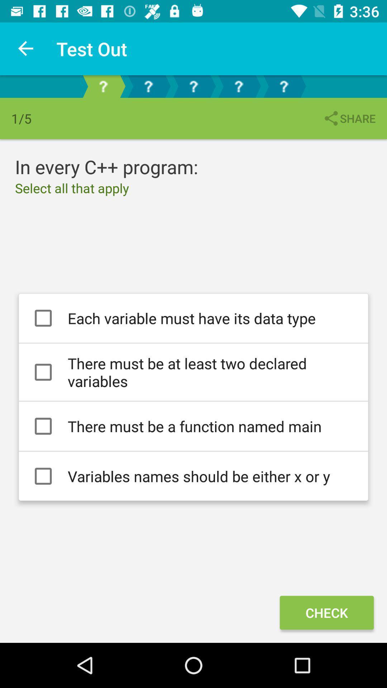 The height and width of the screenshot is (688, 387). Describe the element at coordinates (283, 86) in the screenshot. I see `the help icon` at that location.